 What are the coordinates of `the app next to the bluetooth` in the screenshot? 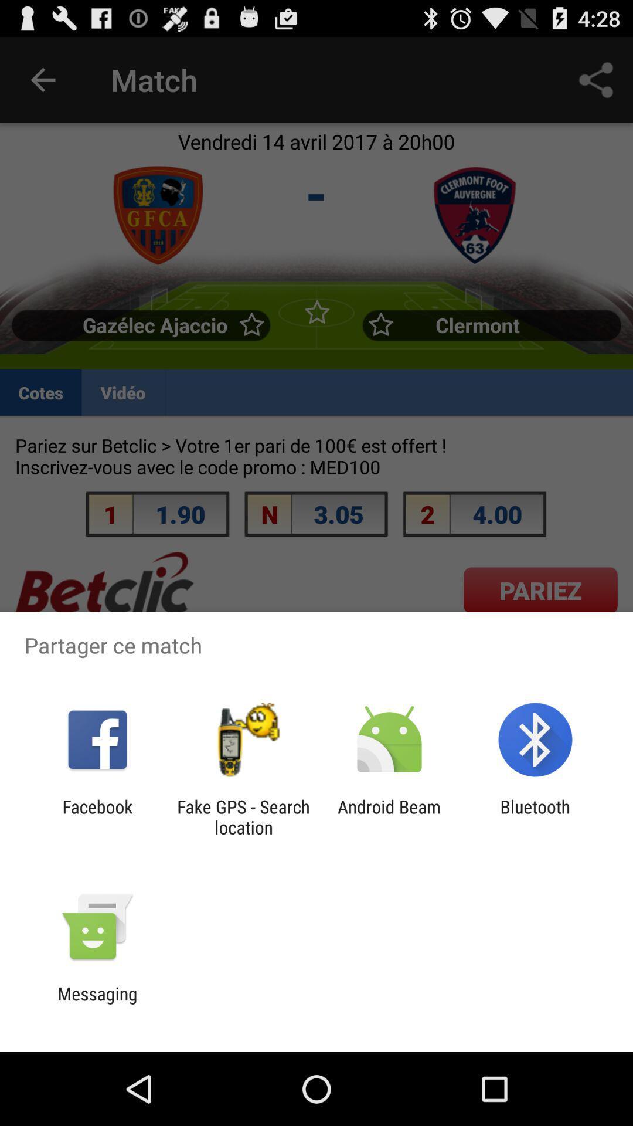 It's located at (389, 816).